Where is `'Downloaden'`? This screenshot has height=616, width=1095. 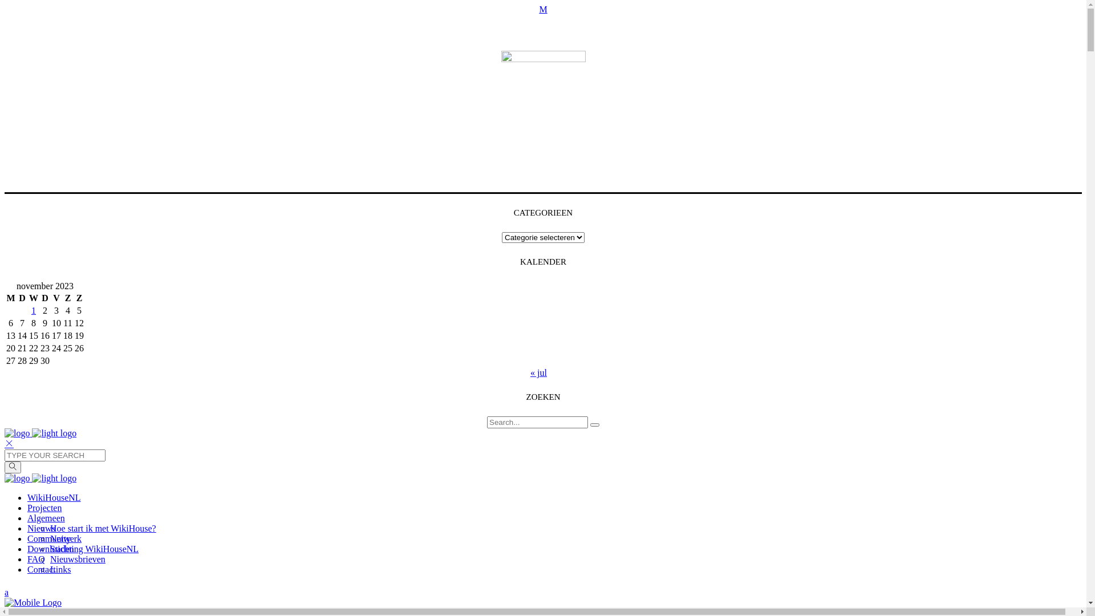
'Downloaden' is located at coordinates (50, 548).